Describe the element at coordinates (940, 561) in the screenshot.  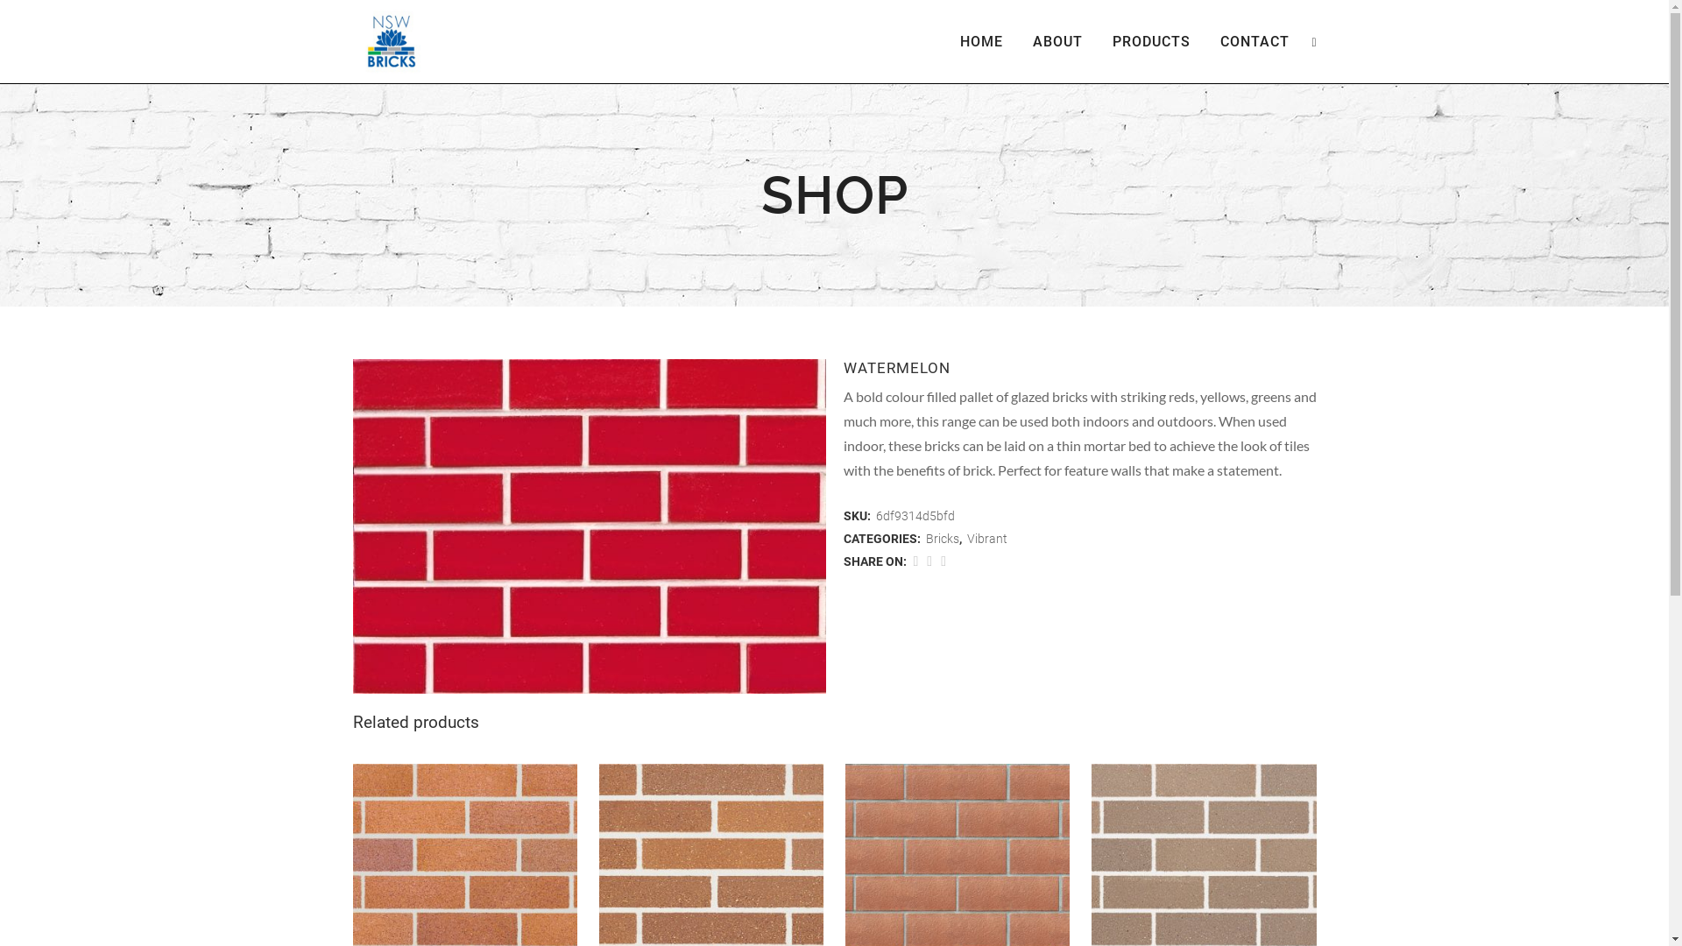
I see `'Share on Google+'` at that location.